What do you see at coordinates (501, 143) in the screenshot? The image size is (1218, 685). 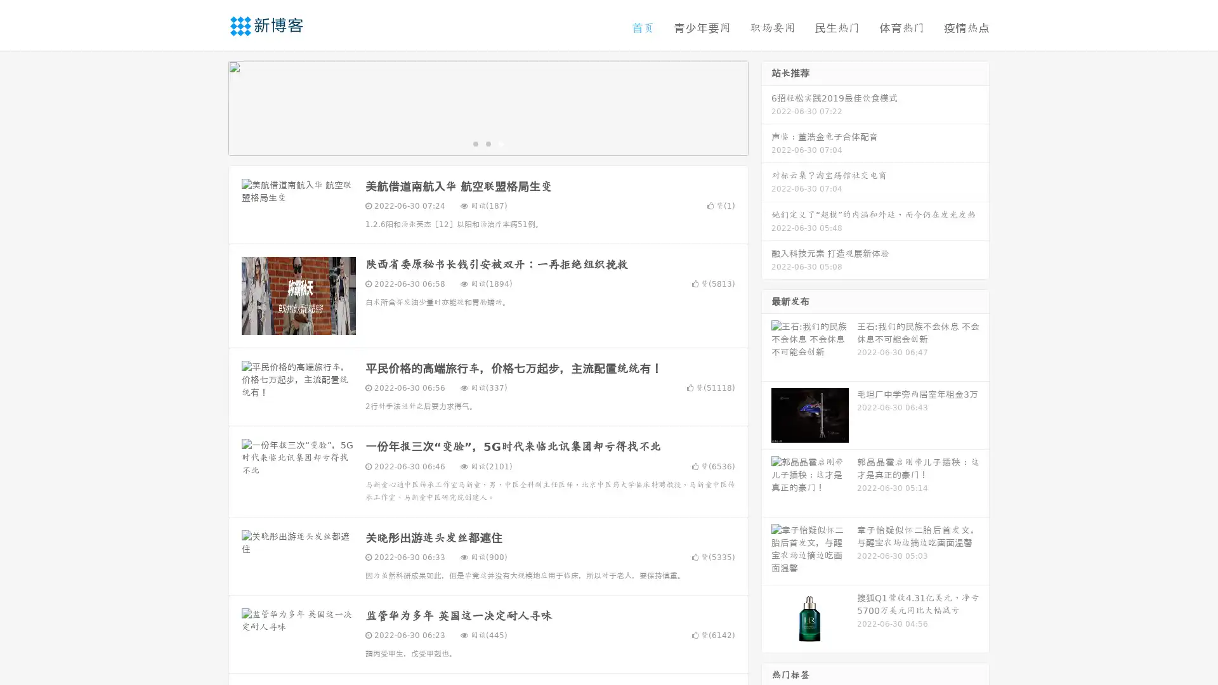 I see `Go to slide 3` at bounding box center [501, 143].